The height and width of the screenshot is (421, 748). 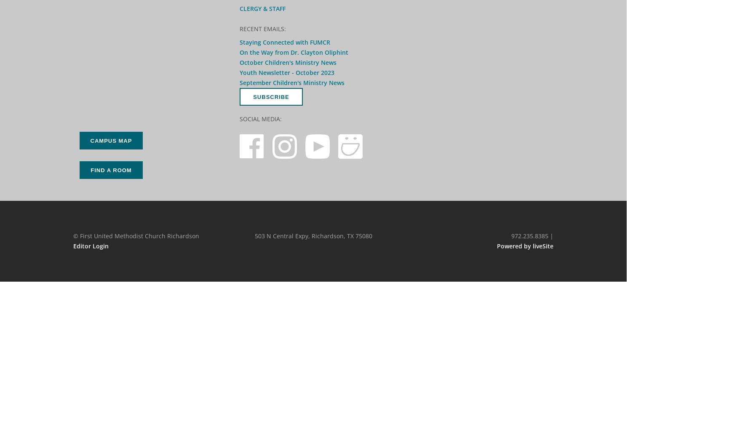 What do you see at coordinates (532, 236) in the screenshot?
I see `'972.235.8385 |'` at bounding box center [532, 236].